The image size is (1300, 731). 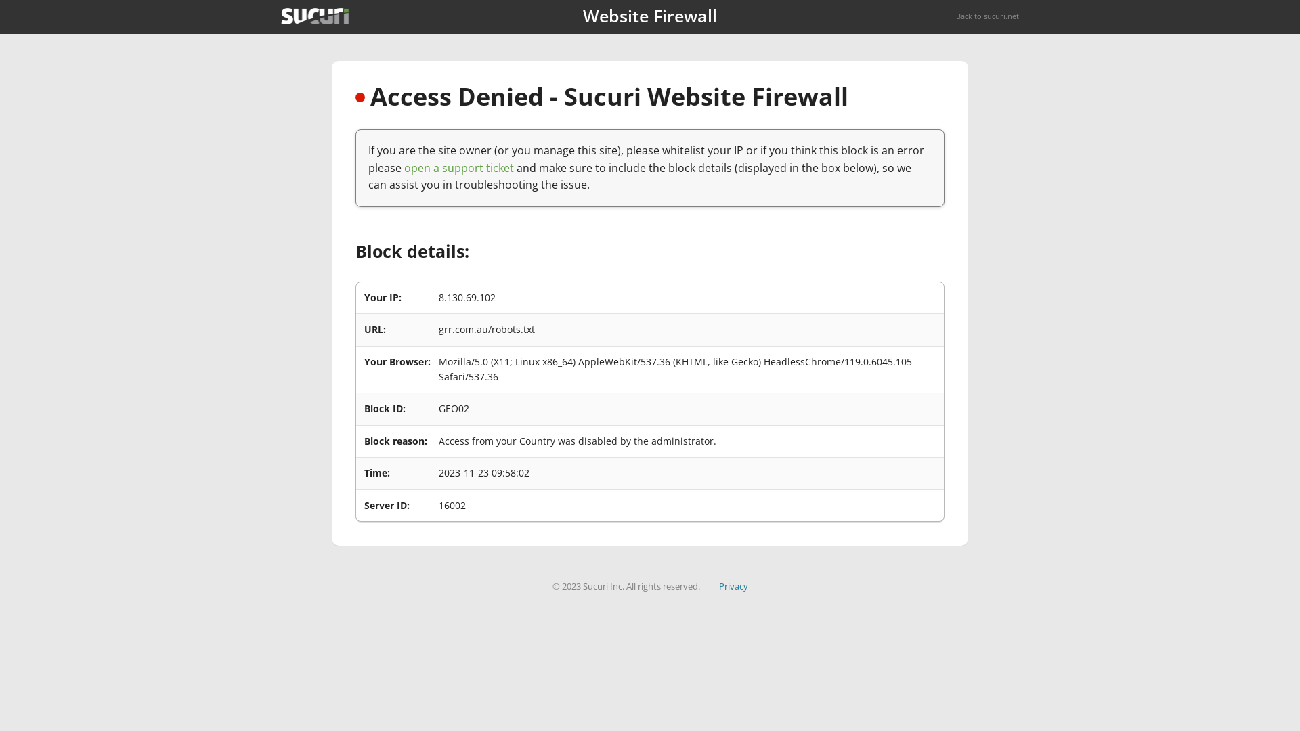 What do you see at coordinates (733, 585) in the screenshot?
I see `'Privacy'` at bounding box center [733, 585].